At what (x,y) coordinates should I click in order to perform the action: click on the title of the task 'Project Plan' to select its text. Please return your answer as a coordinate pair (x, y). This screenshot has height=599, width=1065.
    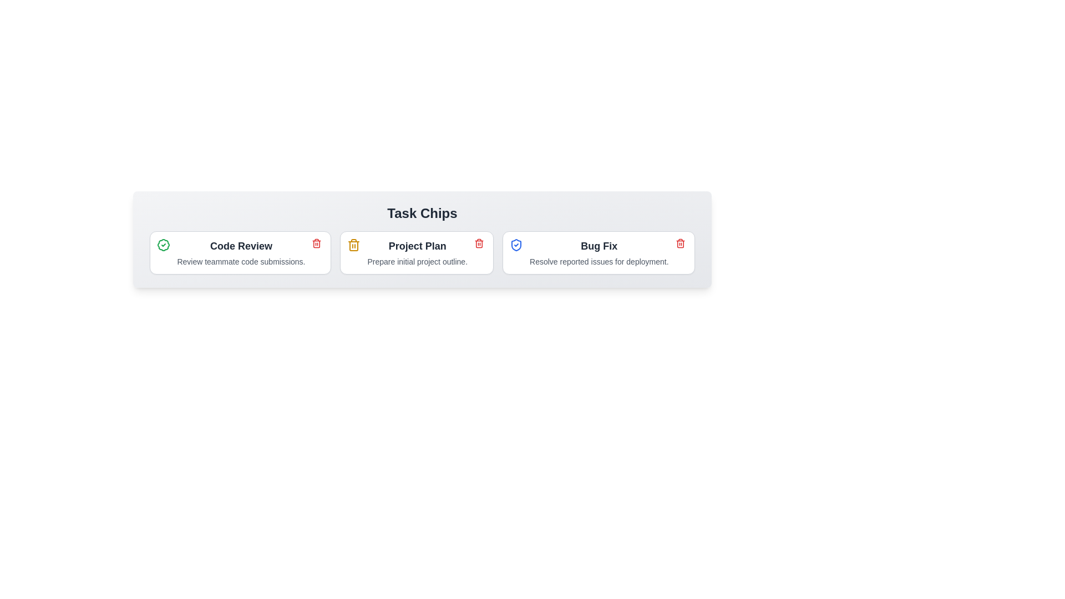
    Looking at the image, I should click on (417, 245).